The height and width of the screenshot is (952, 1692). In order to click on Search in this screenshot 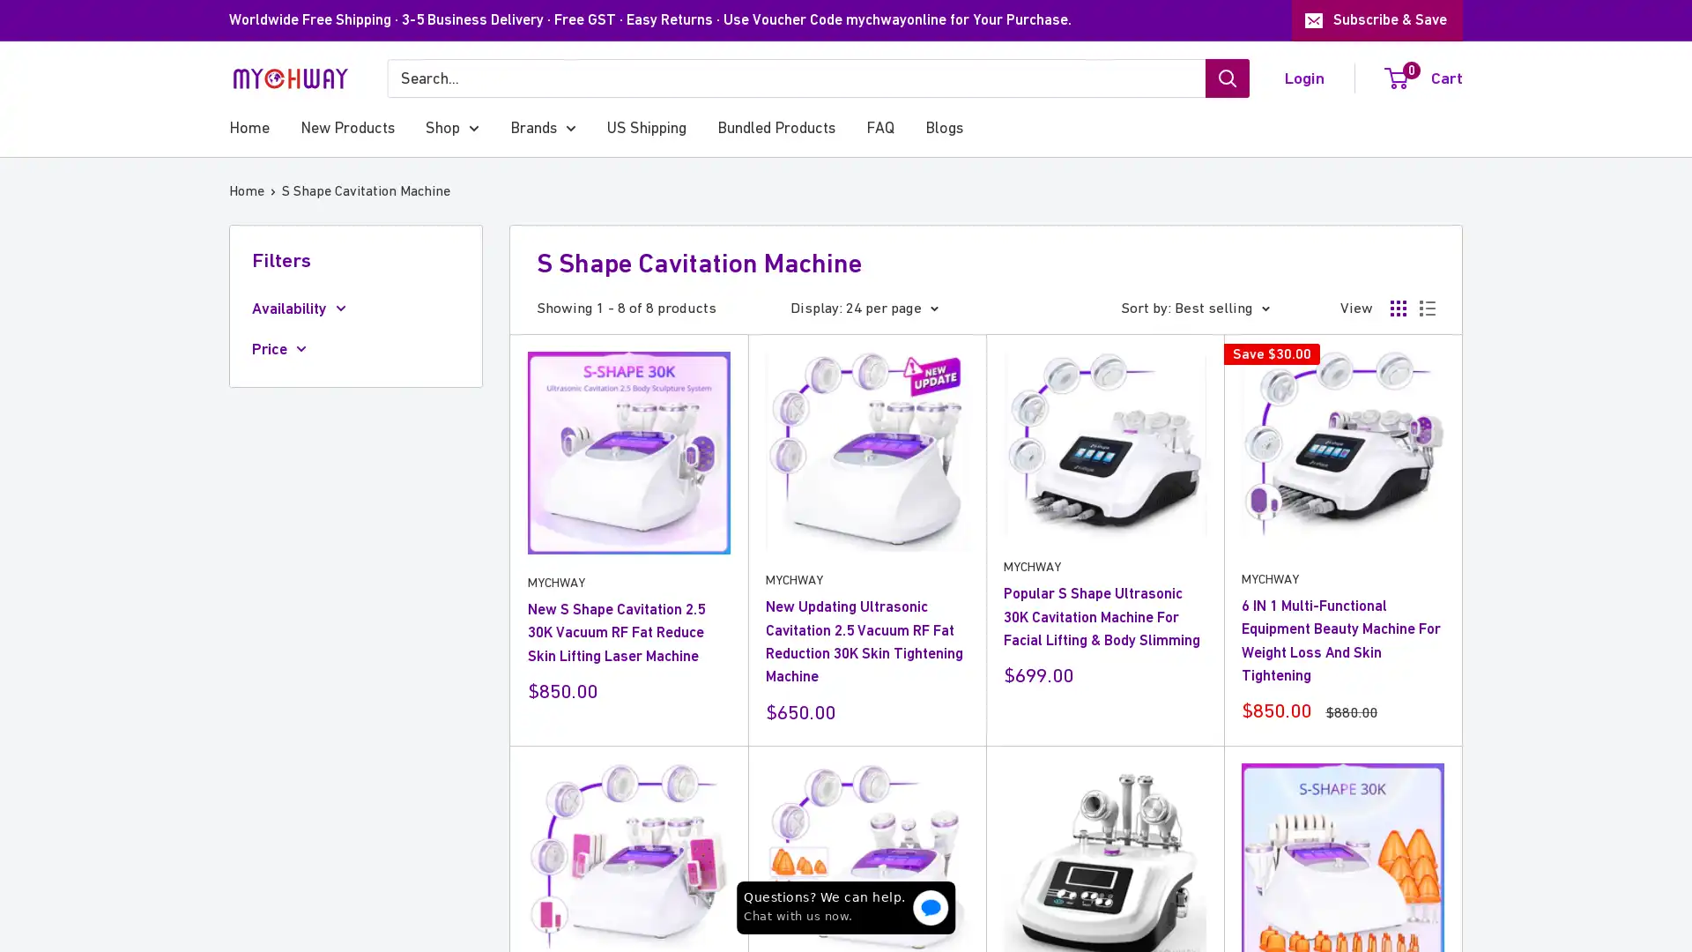, I will do `click(1226, 77)`.